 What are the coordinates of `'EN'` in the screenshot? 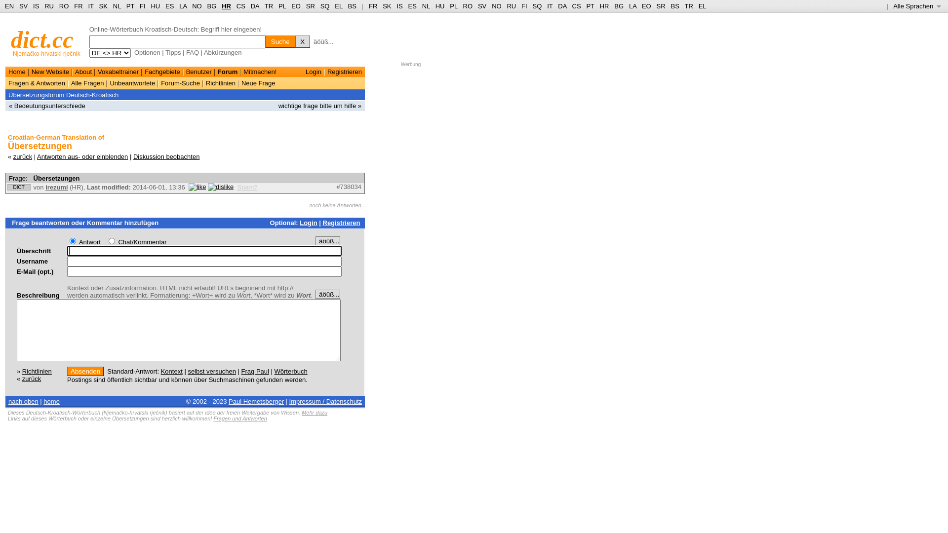 It's located at (9, 6).